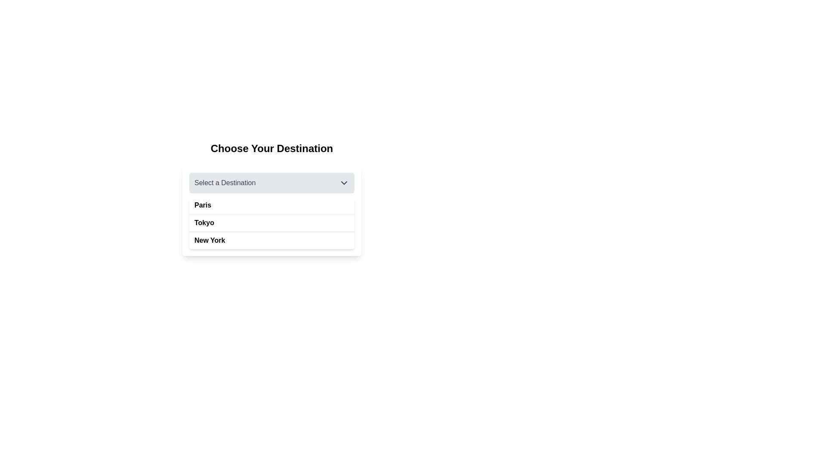 This screenshot has height=464, width=826. I want to click on the list item labeled 'New York', so click(271, 240).